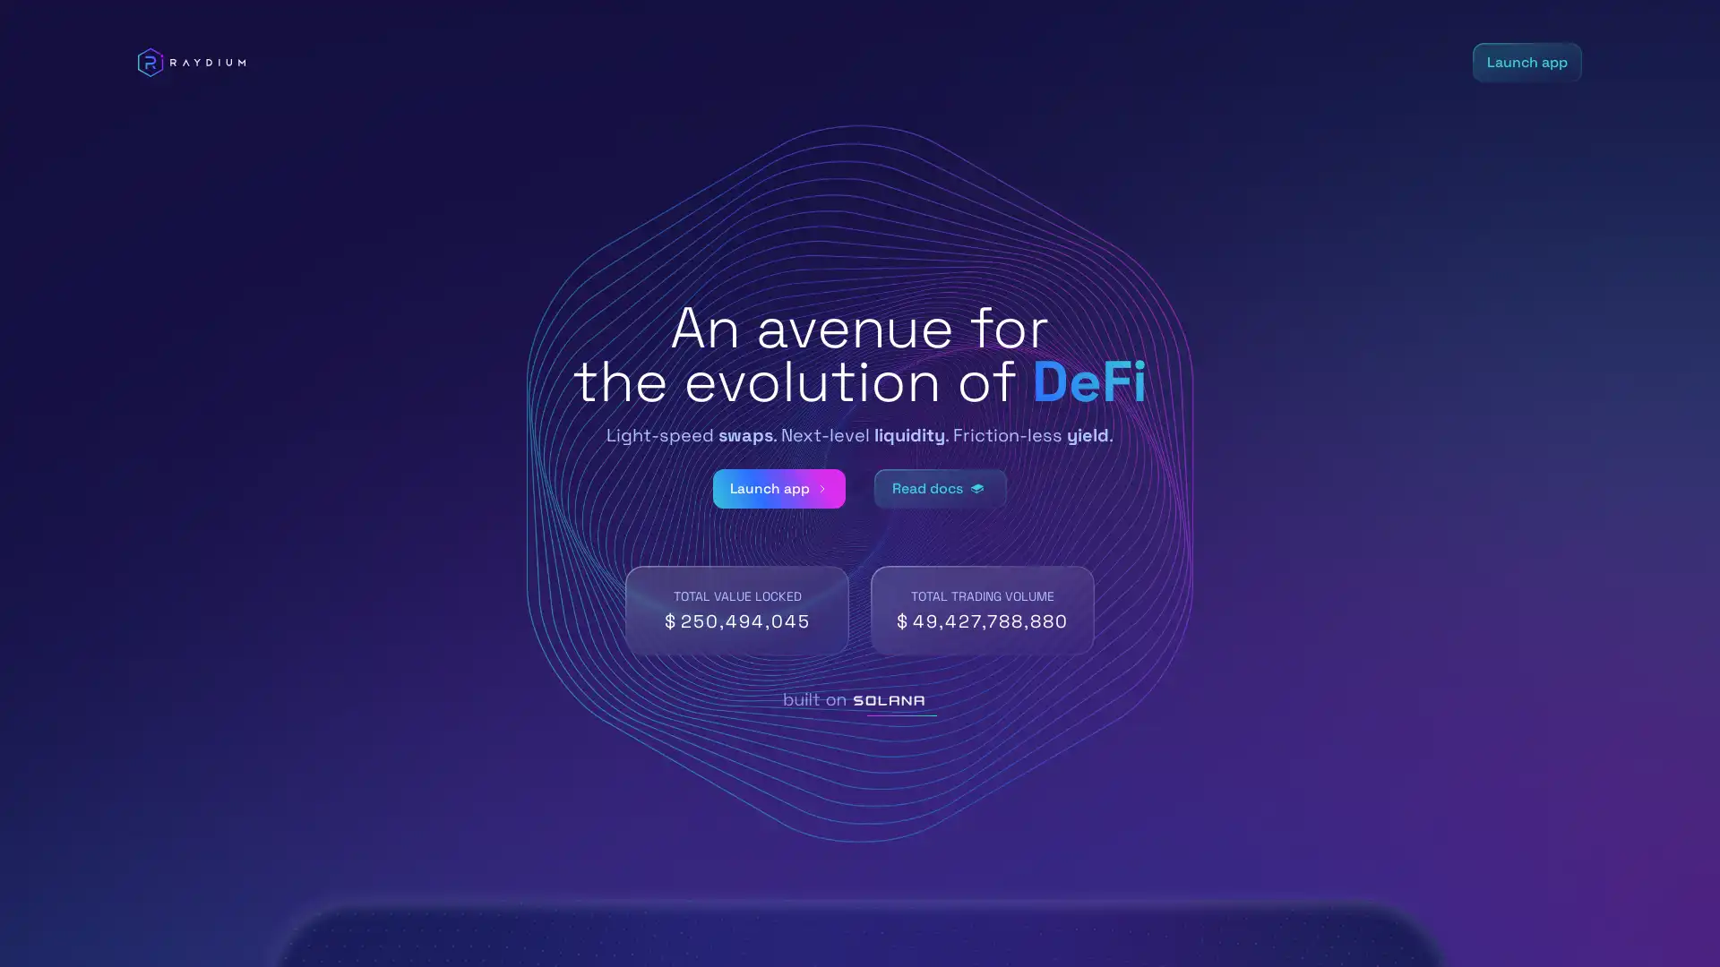 Image resolution: width=1720 pixels, height=967 pixels. What do you see at coordinates (1526, 61) in the screenshot?
I see `Launch app` at bounding box center [1526, 61].